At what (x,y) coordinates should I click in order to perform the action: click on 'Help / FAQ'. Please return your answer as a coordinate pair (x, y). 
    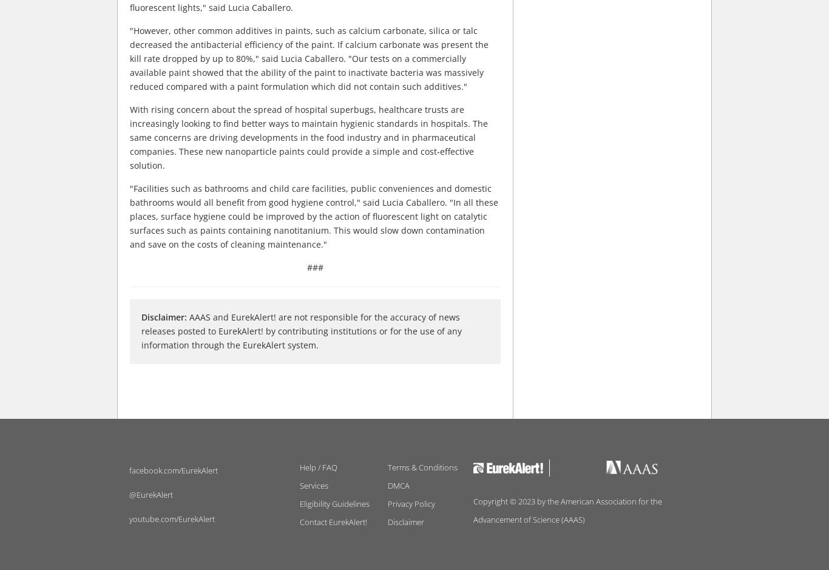
    Looking at the image, I should click on (317, 466).